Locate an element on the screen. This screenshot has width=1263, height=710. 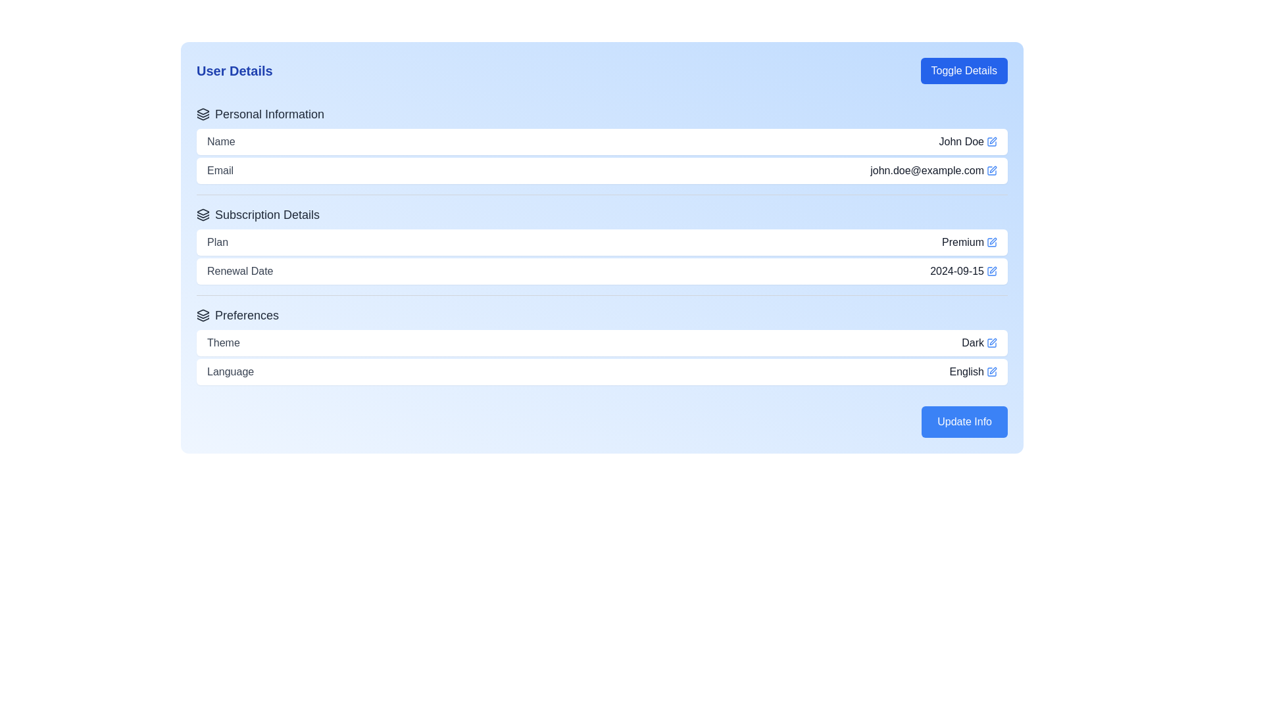
the iconic button resembling a pen located next to the 'Renewal Date' field in the 'Subscription Details' section is located at coordinates (991, 270).